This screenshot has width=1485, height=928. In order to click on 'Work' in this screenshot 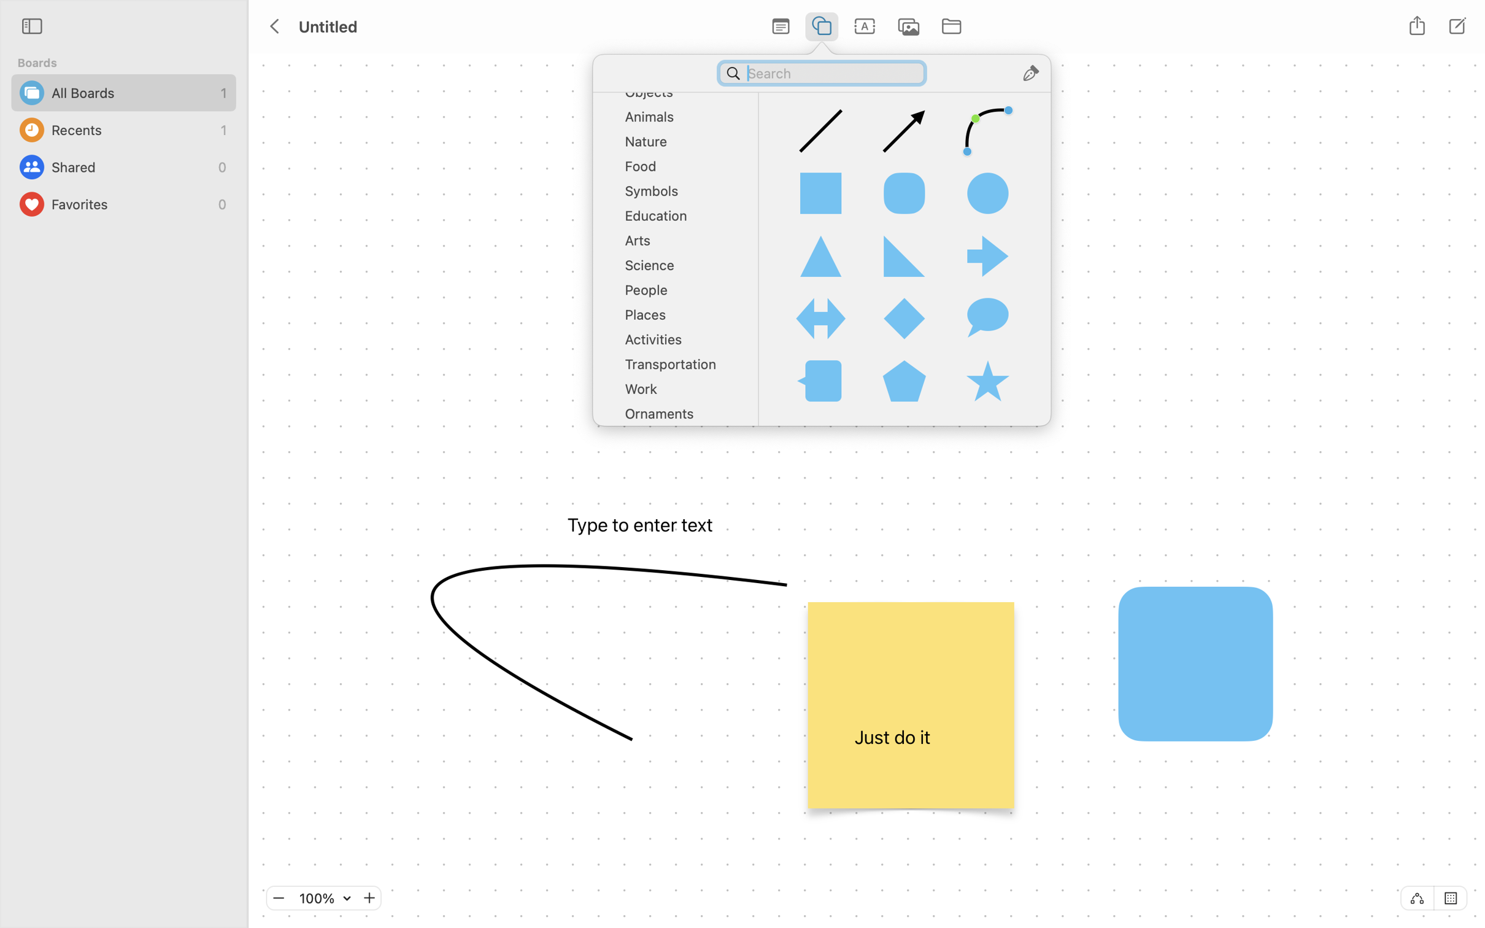, I will do `click(679, 392)`.